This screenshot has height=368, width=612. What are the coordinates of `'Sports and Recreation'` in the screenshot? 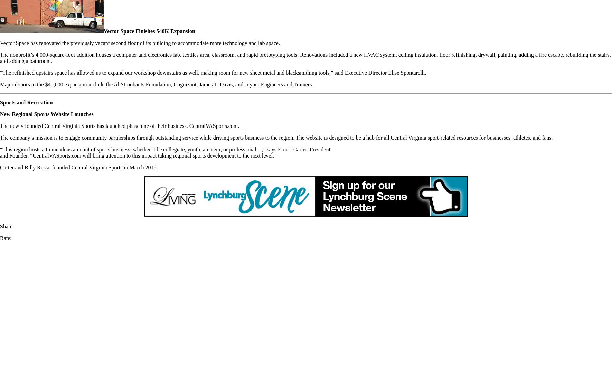 It's located at (26, 102).